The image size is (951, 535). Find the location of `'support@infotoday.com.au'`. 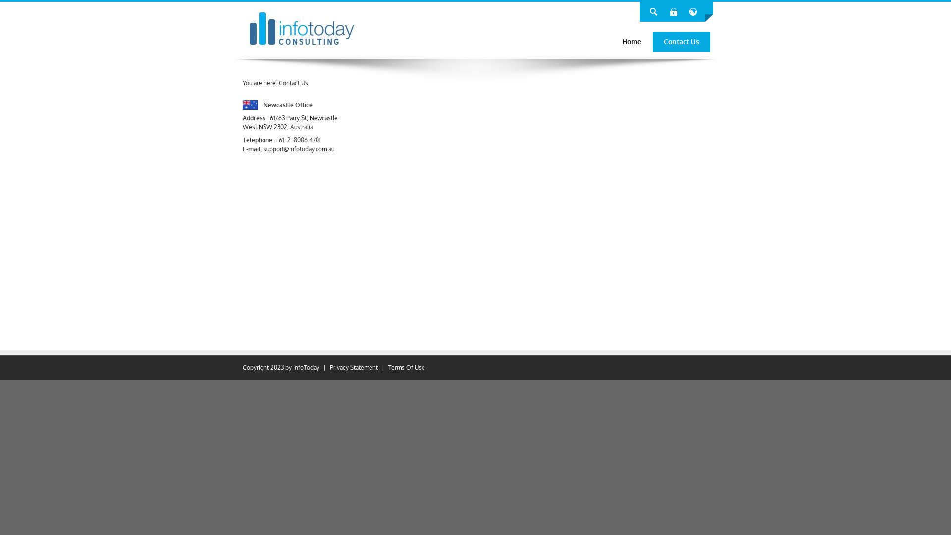

'support@infotoday.com.au' is located at coordinates (298, 149).